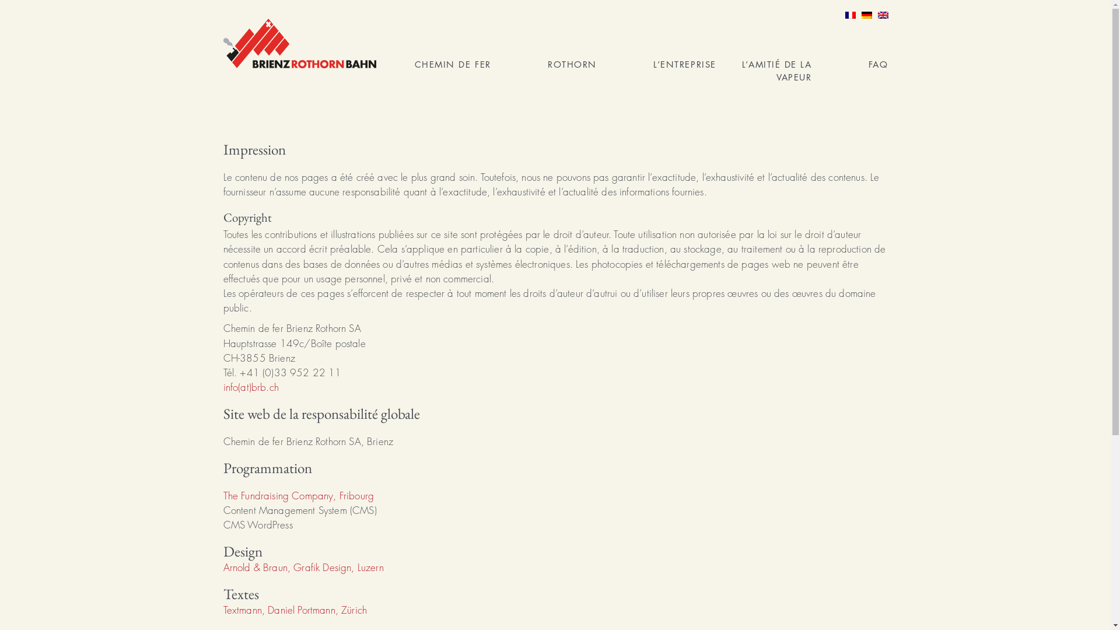 Image resolution: width=1120 pixels, height=630 pixels. I want to click on 'info(at)brb.ch', so click(250, 387).